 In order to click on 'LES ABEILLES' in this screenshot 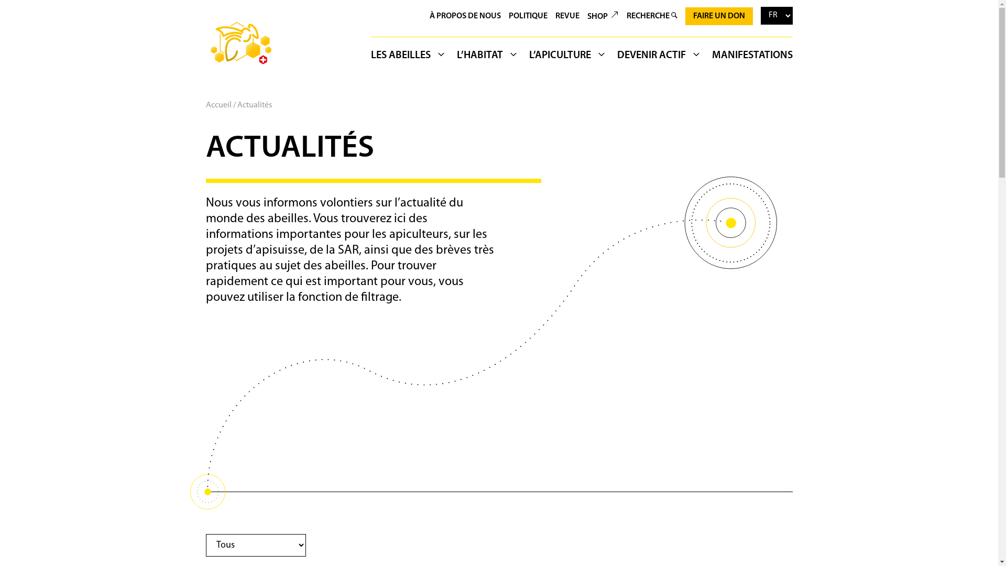, I will do `click(411, 57)`.